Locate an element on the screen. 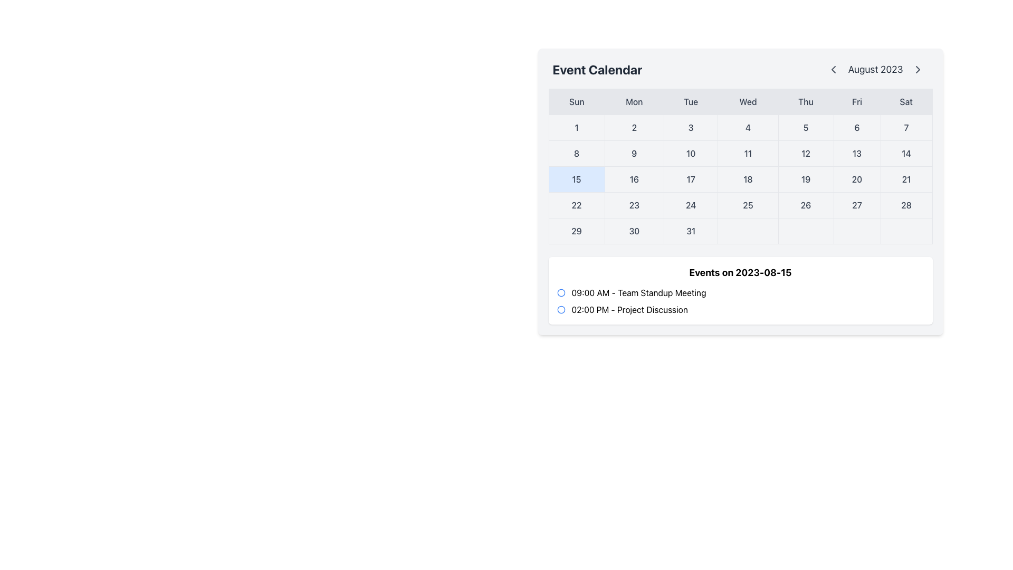 The image size is (1013, 570). the text label displaying '17', which is styled in bold and centered within a rectangular cell in the 'Tue' column of a calendar interface is located at coordinates (691, 178).